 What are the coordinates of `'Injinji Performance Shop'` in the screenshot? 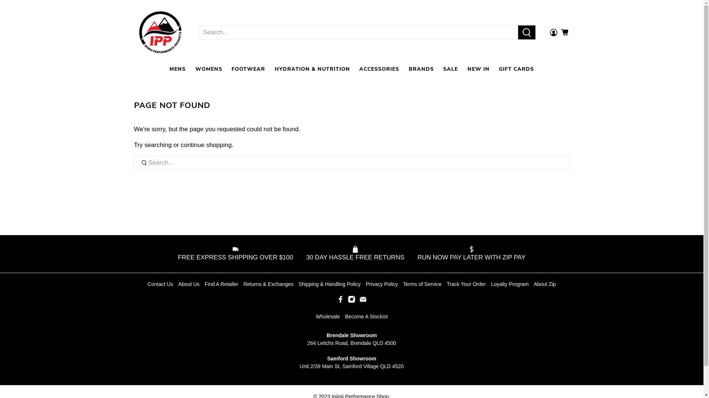 It's located at (134, 32).